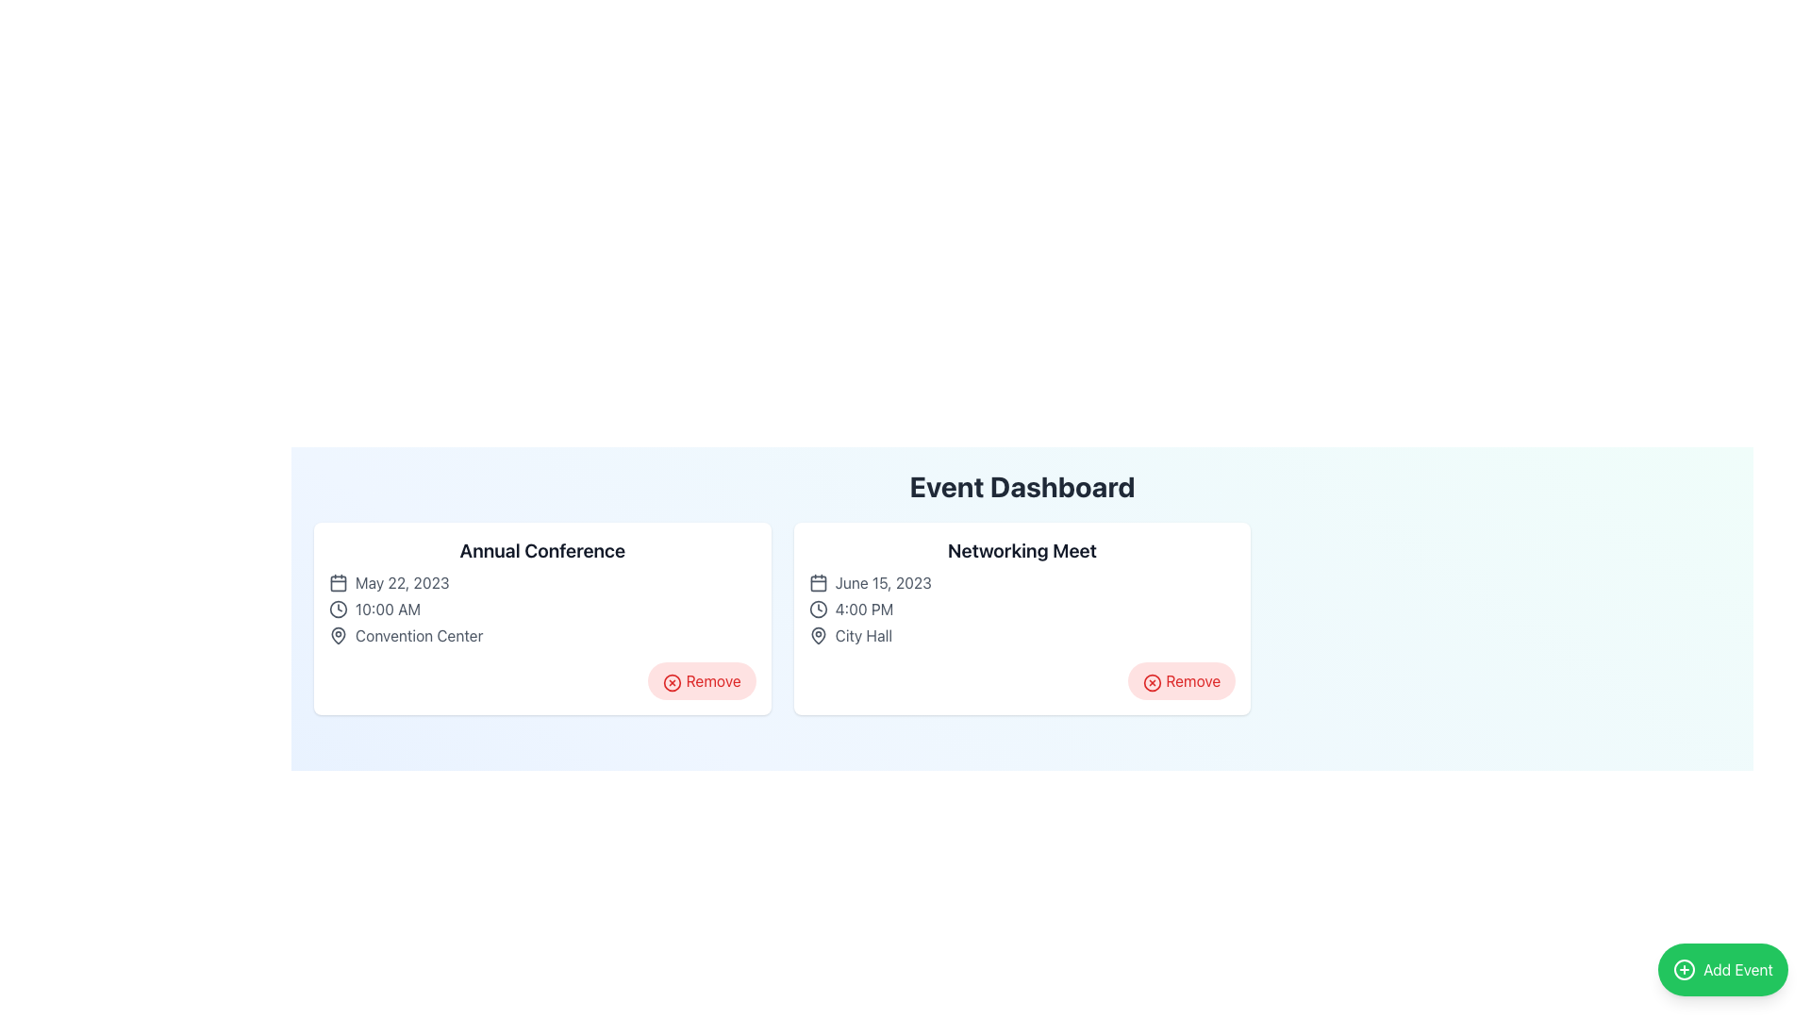 This screenshot has height=1019, width=1811. I want to click on the text label indicating the location of the event for 'Networking Meet', which is positioned beneath the time information and to the right of a location pin icon, so click(862, 636).